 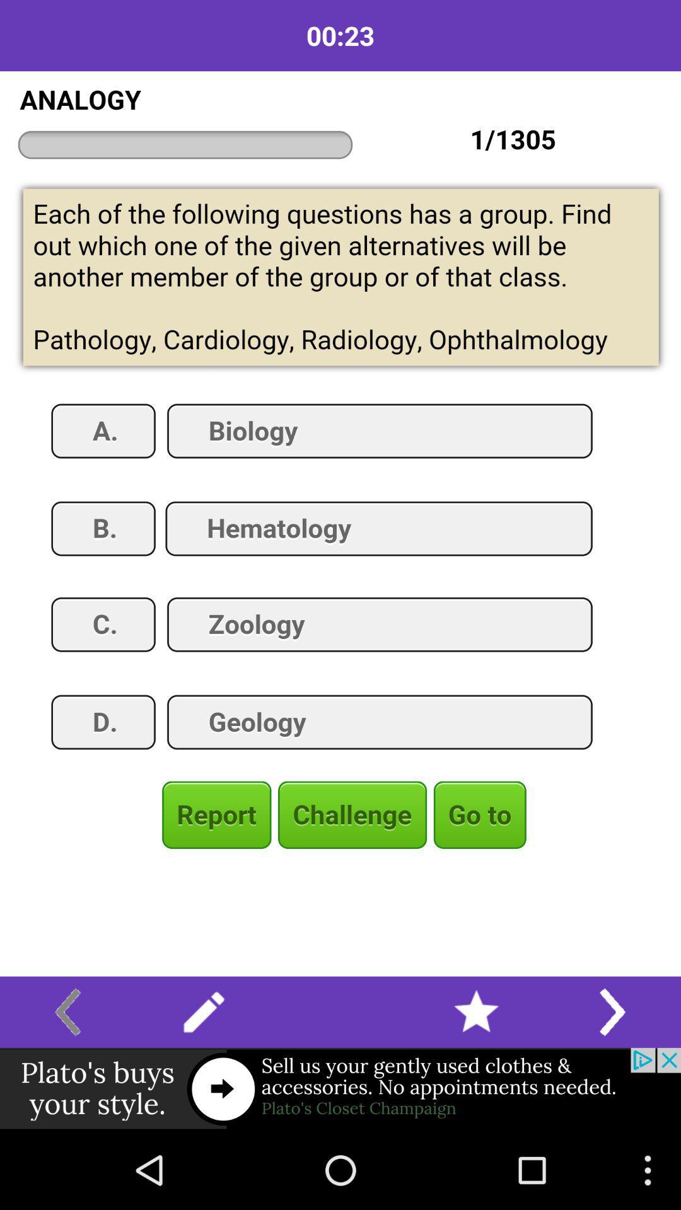 What do you see at coordinates (203, 1082) in the screenshot?
I see `the edit icon` at bounding box center [203, 1082].